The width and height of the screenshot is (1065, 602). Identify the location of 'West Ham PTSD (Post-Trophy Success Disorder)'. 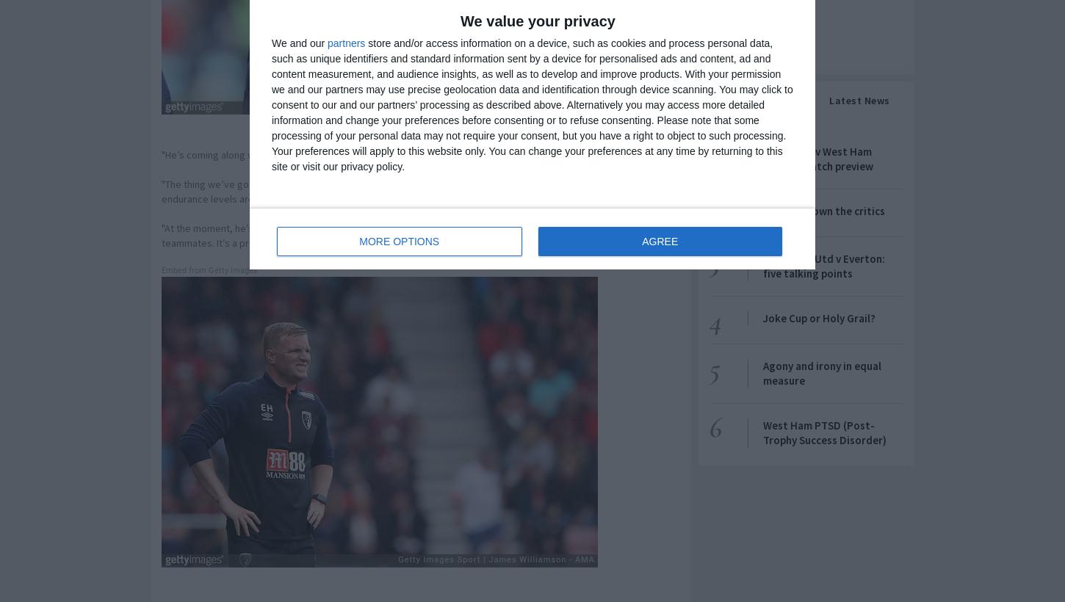
(763, 432).